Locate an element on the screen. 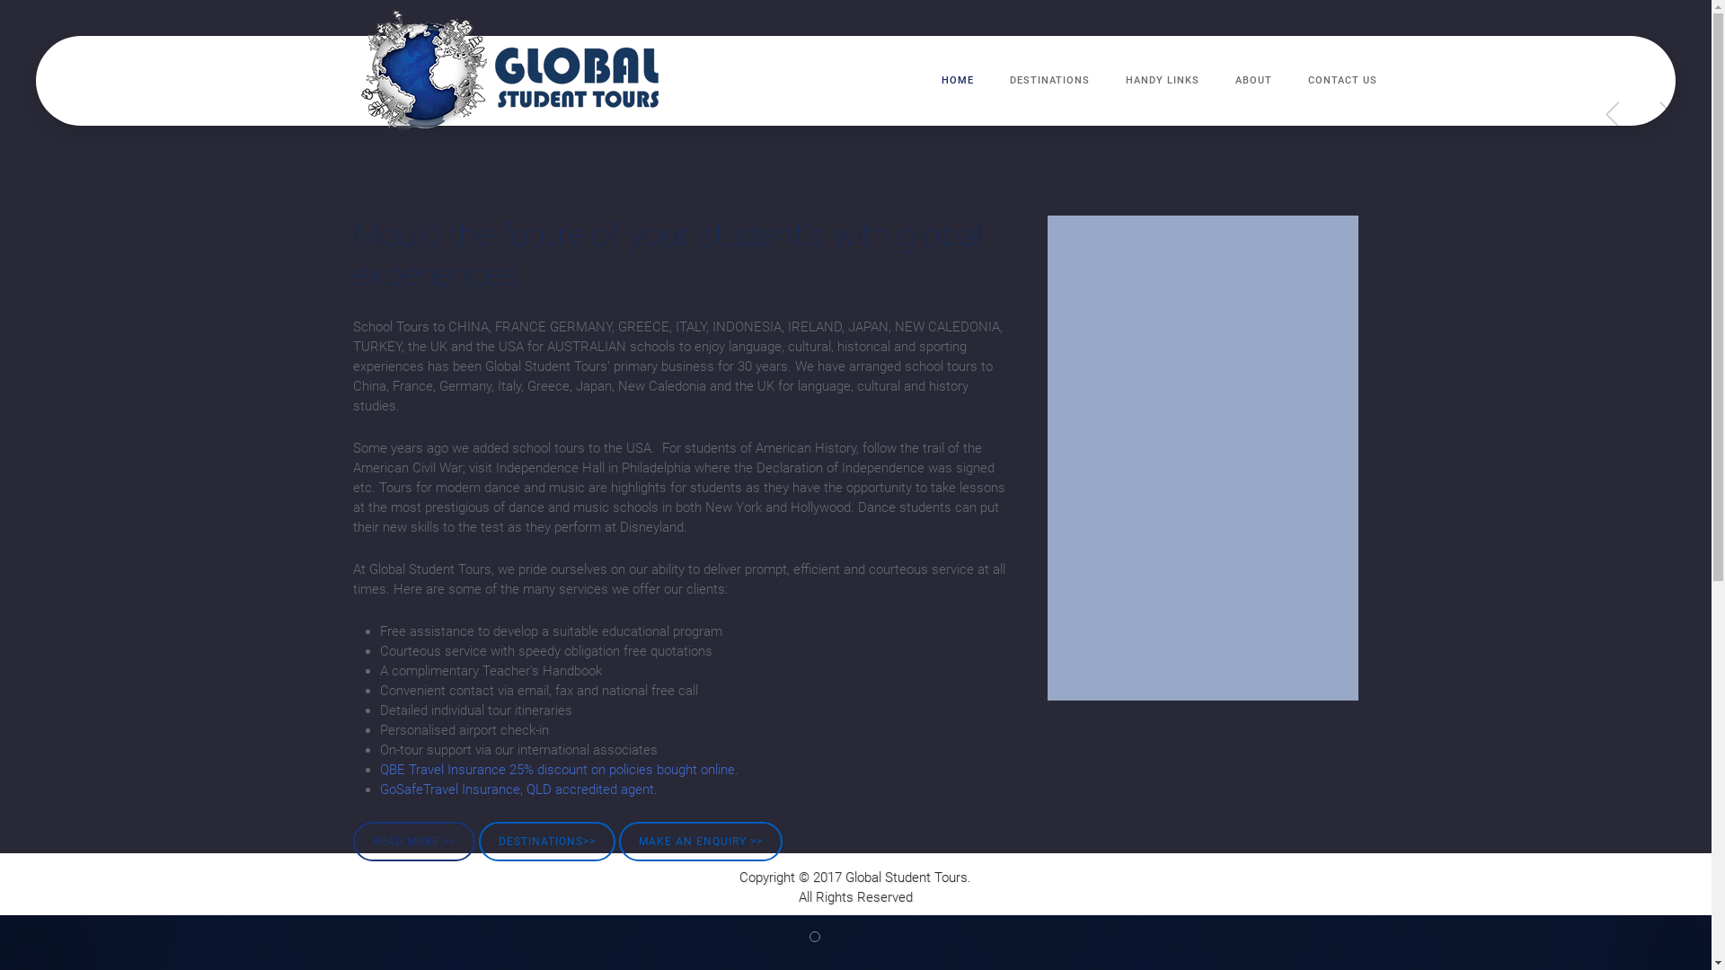 This screenshot has height=970, width=1725. 'HOME' is located at coordinates (923, 79).